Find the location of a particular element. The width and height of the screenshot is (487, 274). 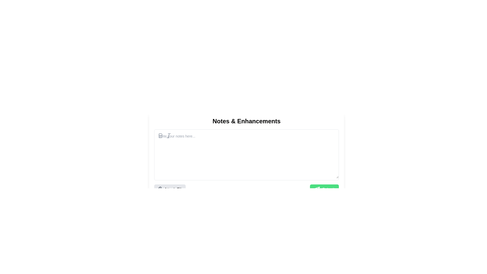

the 'Bold' icon in the Control Panel for Text Formatting located at the top-left corner of the note-editing box to apply bold styling is located at coordinates (164, 135).